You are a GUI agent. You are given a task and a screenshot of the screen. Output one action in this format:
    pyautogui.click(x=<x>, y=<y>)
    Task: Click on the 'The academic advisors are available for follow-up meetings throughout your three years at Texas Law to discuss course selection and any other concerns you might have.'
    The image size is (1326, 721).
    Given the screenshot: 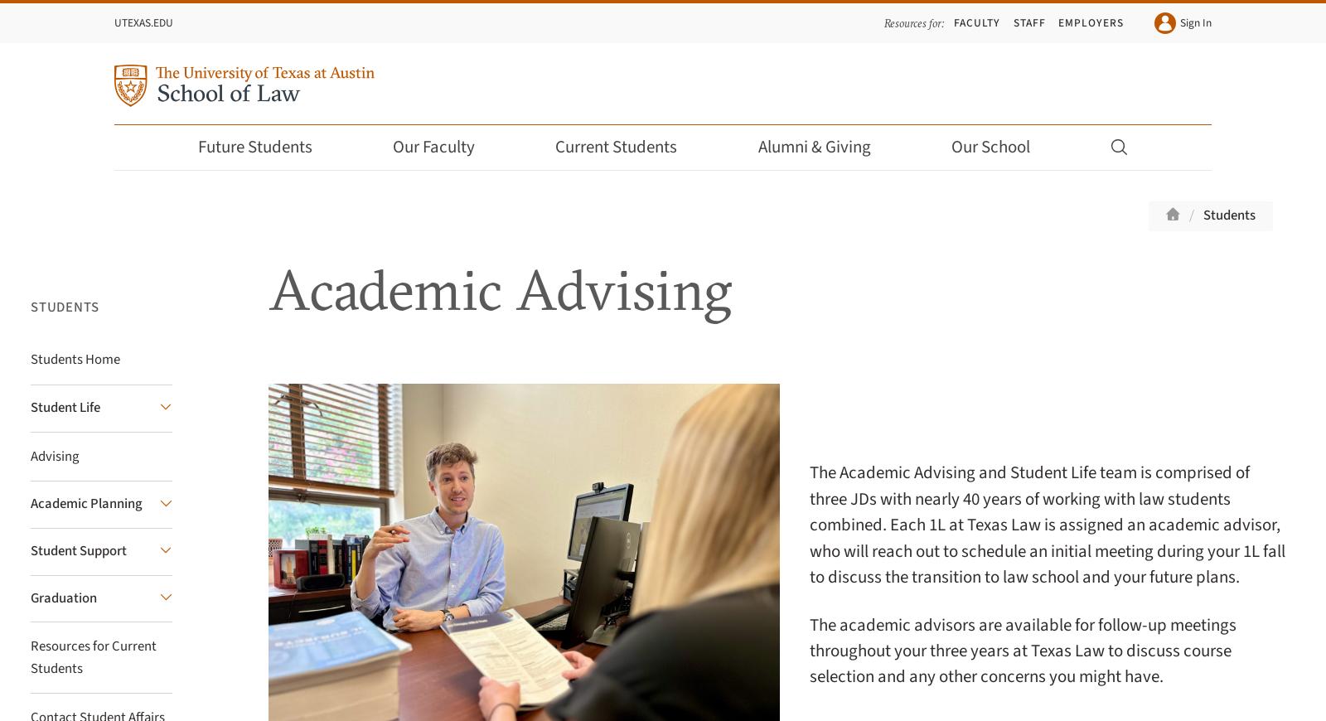 What is the action you would take?
    pyautogui.click(x=808, y=651)
    